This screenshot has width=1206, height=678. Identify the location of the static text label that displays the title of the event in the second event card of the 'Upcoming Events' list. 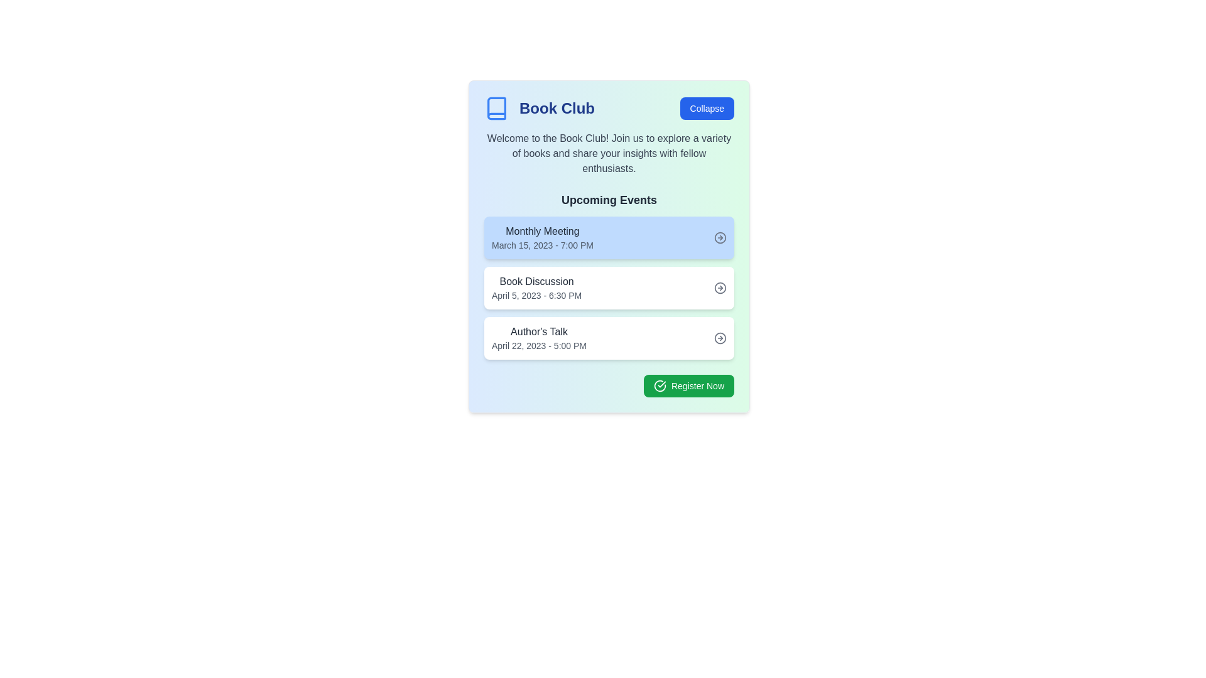
(536, 281).